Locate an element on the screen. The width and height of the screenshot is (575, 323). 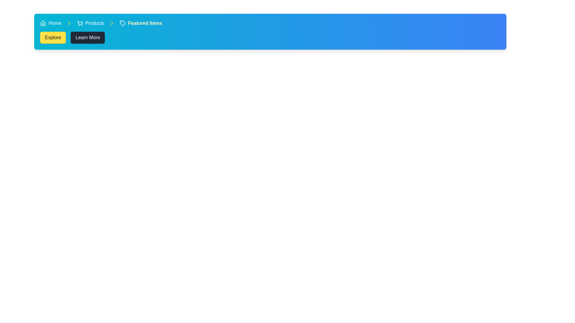
the decorative right-facing chevron icon in the breadcrumb navigation bar, which is styled in vibrant yellow and situated between 'Products' and 'Featured Items' is located at coordinates (112, 23).